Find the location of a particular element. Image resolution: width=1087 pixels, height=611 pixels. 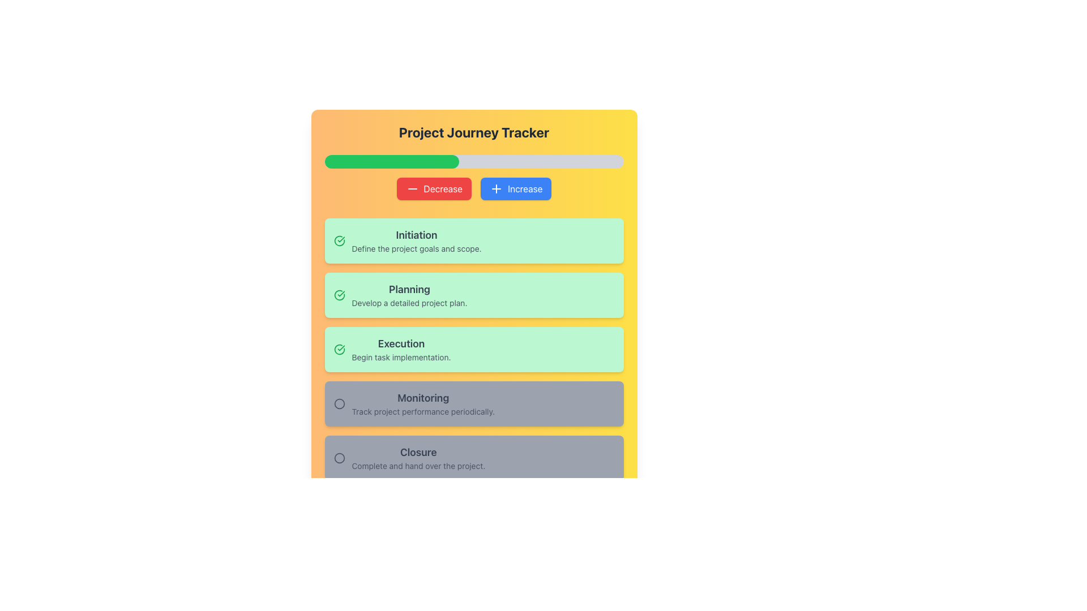

the horizontal line icon located inside the red button labeled 'Decrease' is located at coordinates (412, 188).